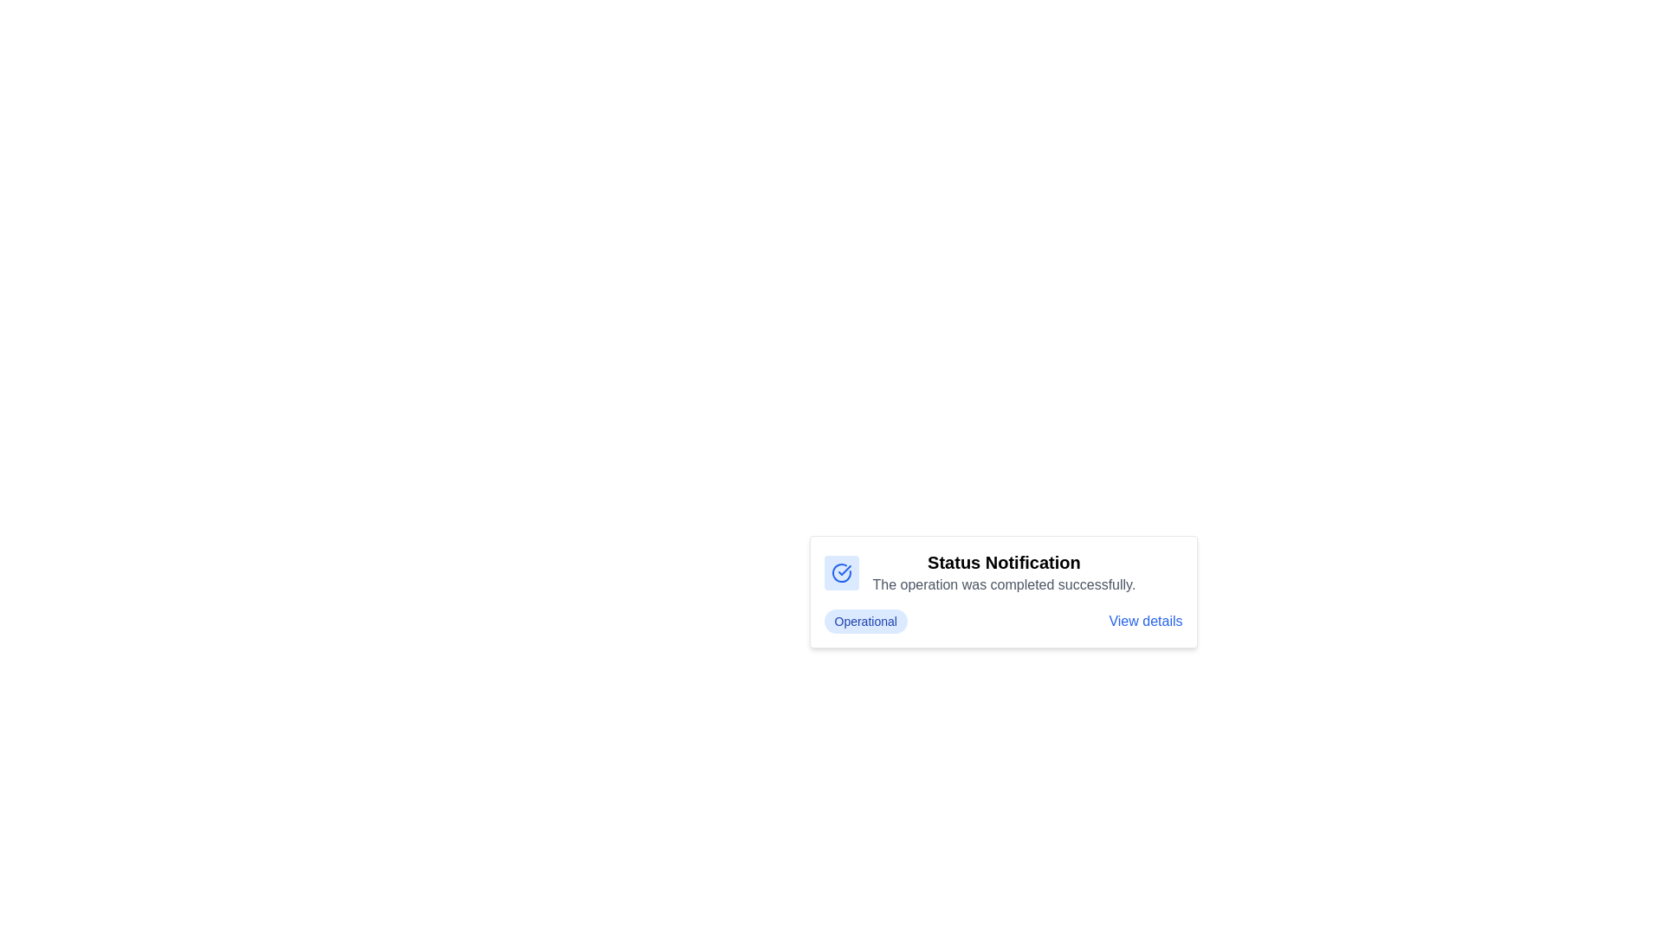 Image resolution: width=1663 pixels, height=935 pixels. Describe the element at coordinates (1004, 563) in the screenshot. I see `the Text Label that serves as a title or heading, positioned above the status message and to the right of an icon, located centrally near the bottom of the main interface` at that location.